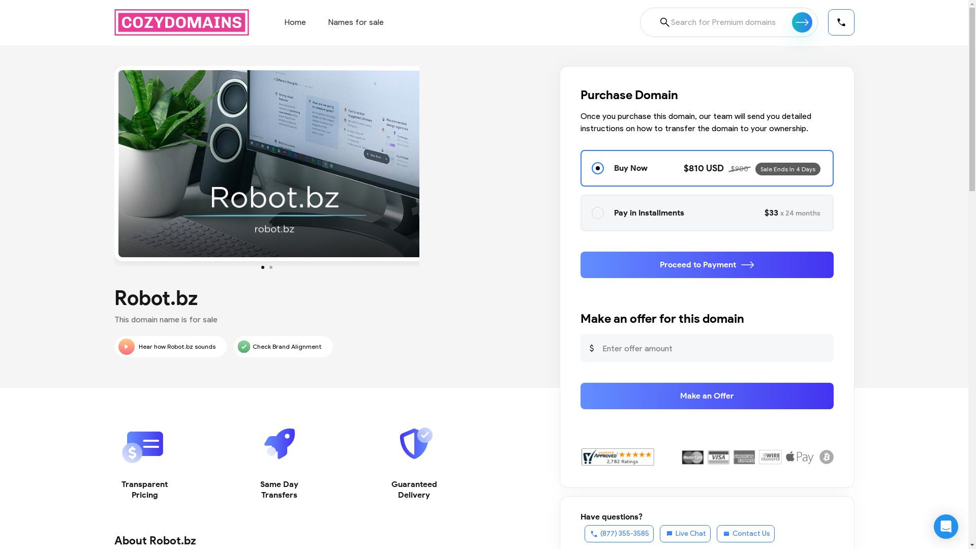  I want to click on 'Home', so click(294, 22).